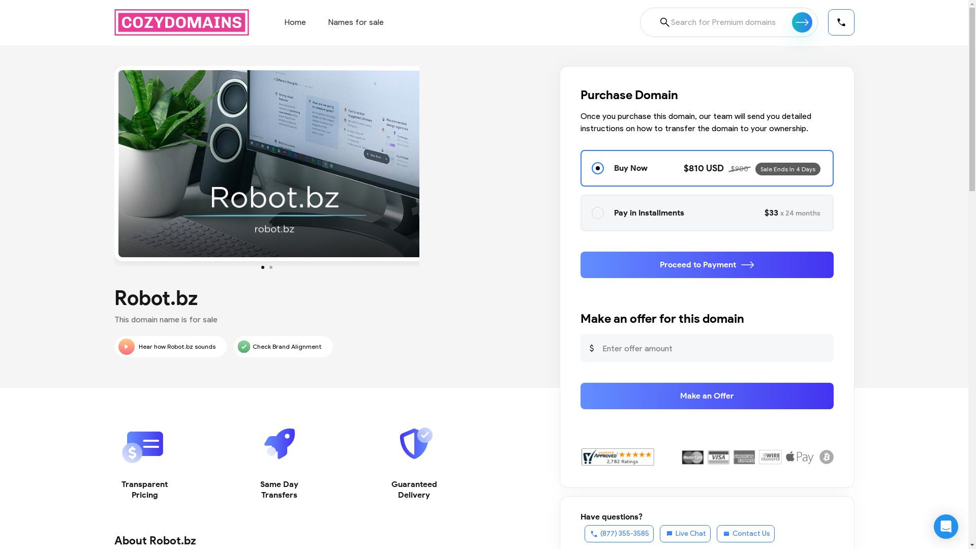  I want to click on 'Home', so click(294, 22).